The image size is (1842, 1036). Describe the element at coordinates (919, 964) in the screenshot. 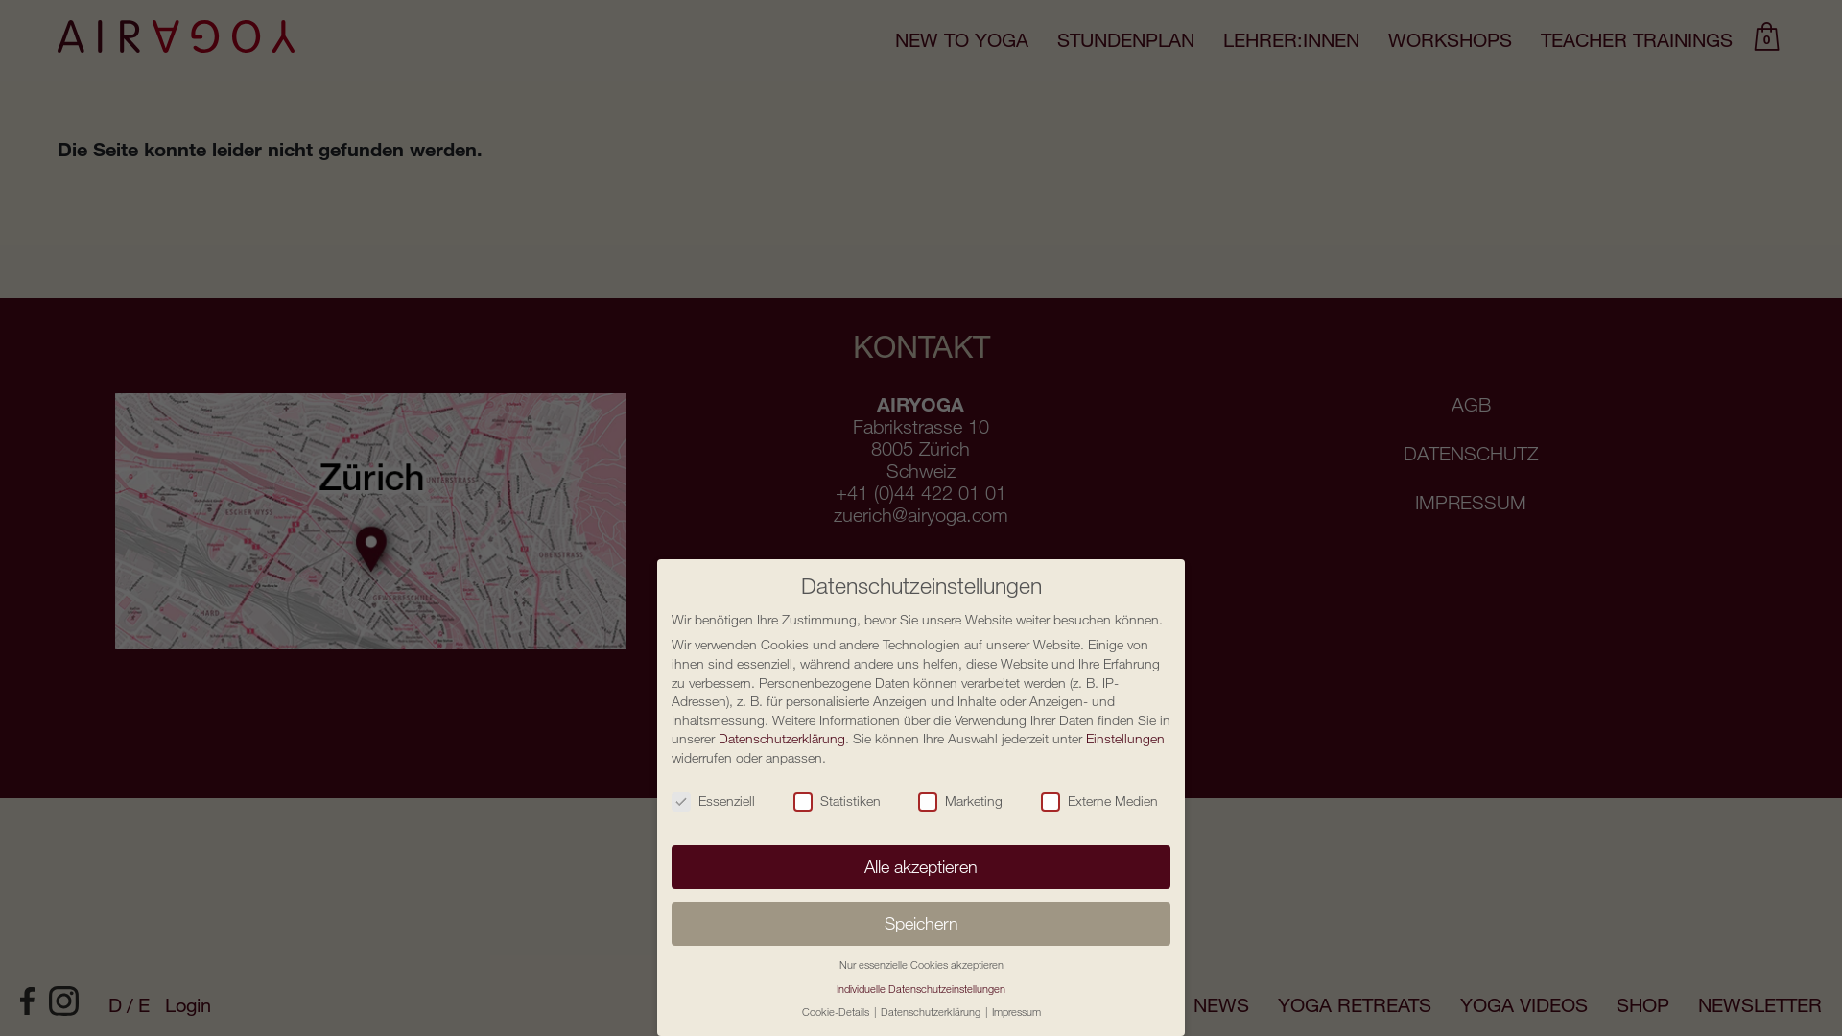

I see `'Nur essenzielle Cookies akzeptieren'` at that location.